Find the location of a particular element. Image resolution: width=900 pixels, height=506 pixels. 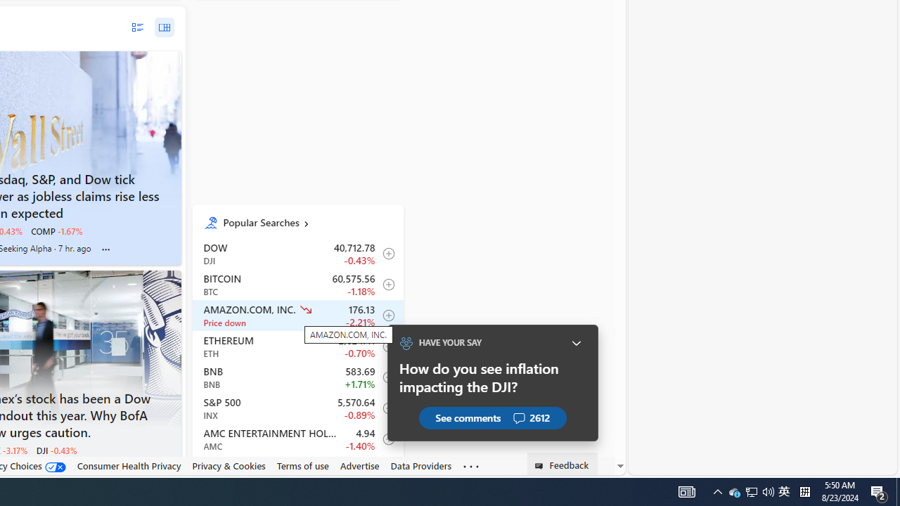

'Class: feedback_link_icon-DS-EntryPoint1-1' is located at coordinates (541, 466).